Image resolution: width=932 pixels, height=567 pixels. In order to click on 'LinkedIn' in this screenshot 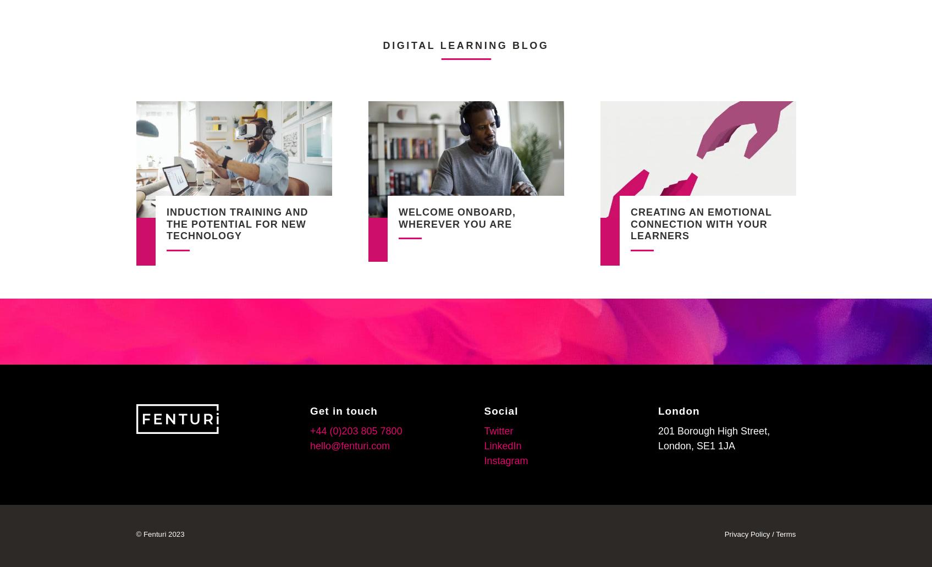, I will do `click(502, 445)`.